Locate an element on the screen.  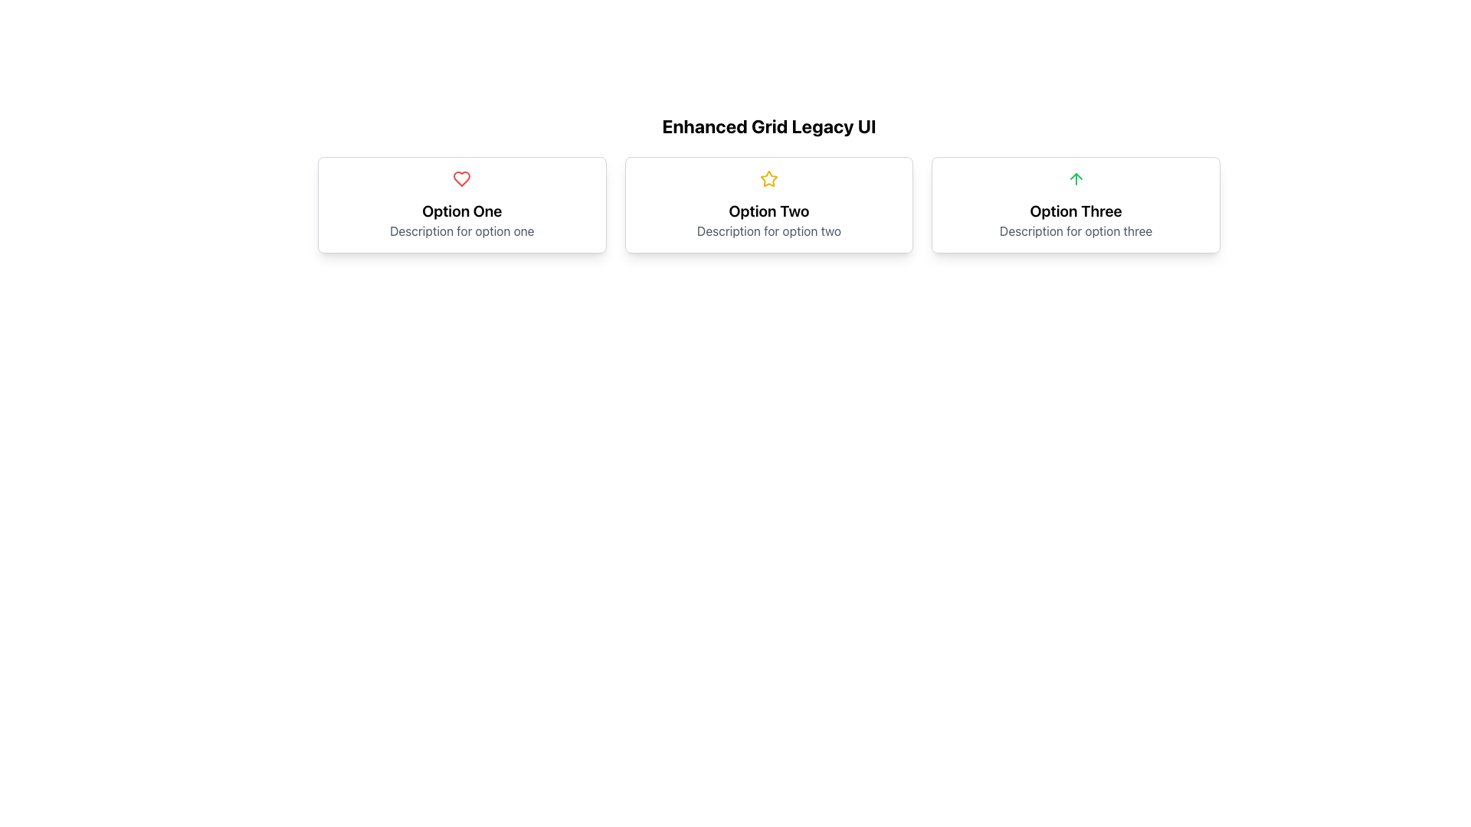
the Text Label that provides supplementary information related to the 'Option Two' feature, positioned below the title 'Option Two' within the middle card layout is located at coordinates (768, 230).